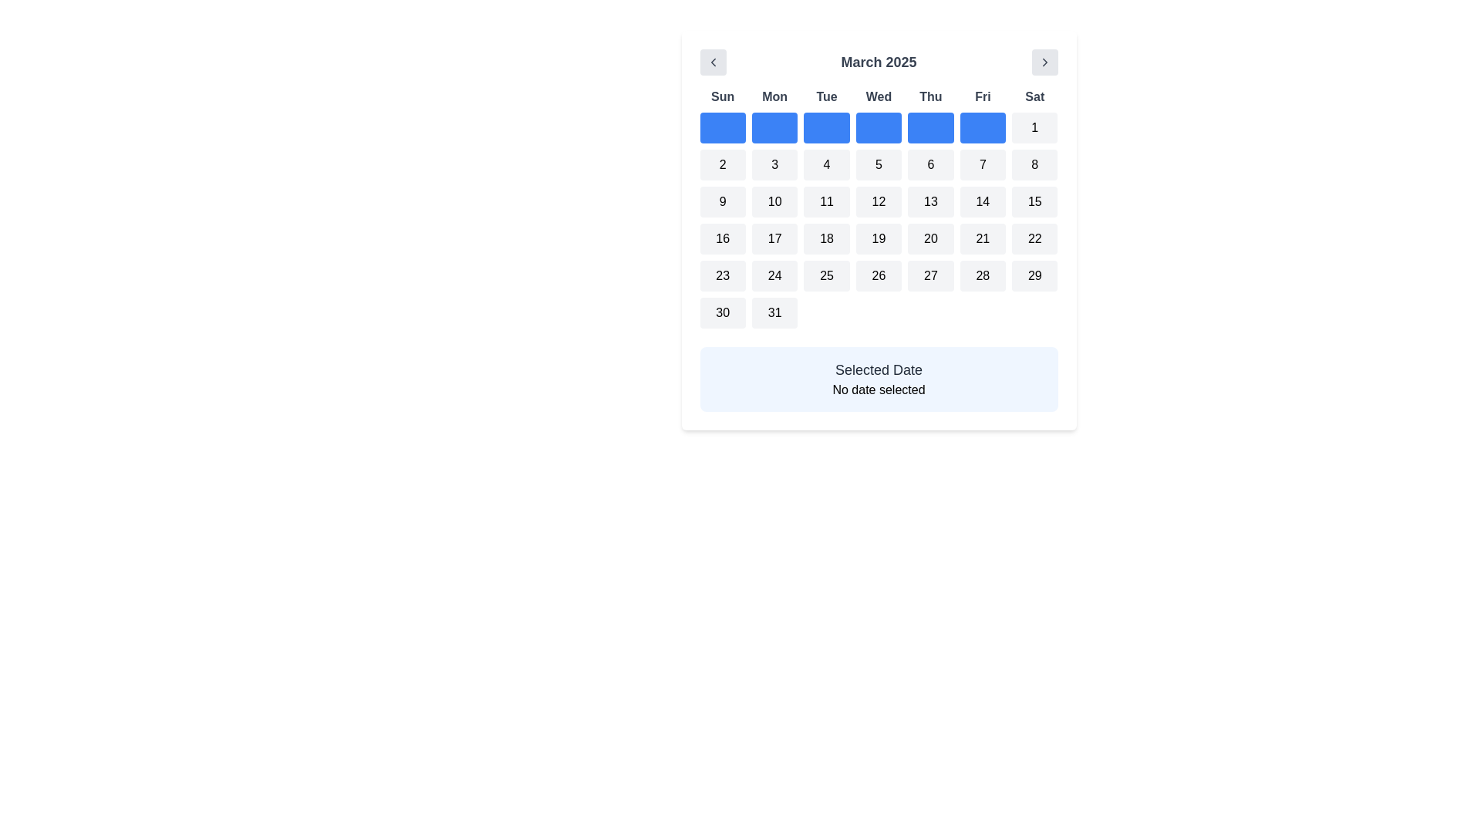 This screenshot has height=833, width=1481. Describe the element at coordinates (1034, 97) in the screenshot. I see `the Text label indicating Saturday in the calendar component, which is the last label in the row of weekday headers` at that location.